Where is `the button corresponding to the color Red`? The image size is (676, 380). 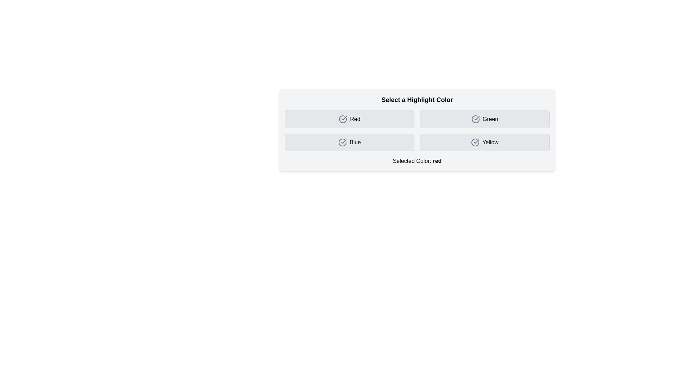 the button corresponding to the color Red is located at coordinates (350, 119).